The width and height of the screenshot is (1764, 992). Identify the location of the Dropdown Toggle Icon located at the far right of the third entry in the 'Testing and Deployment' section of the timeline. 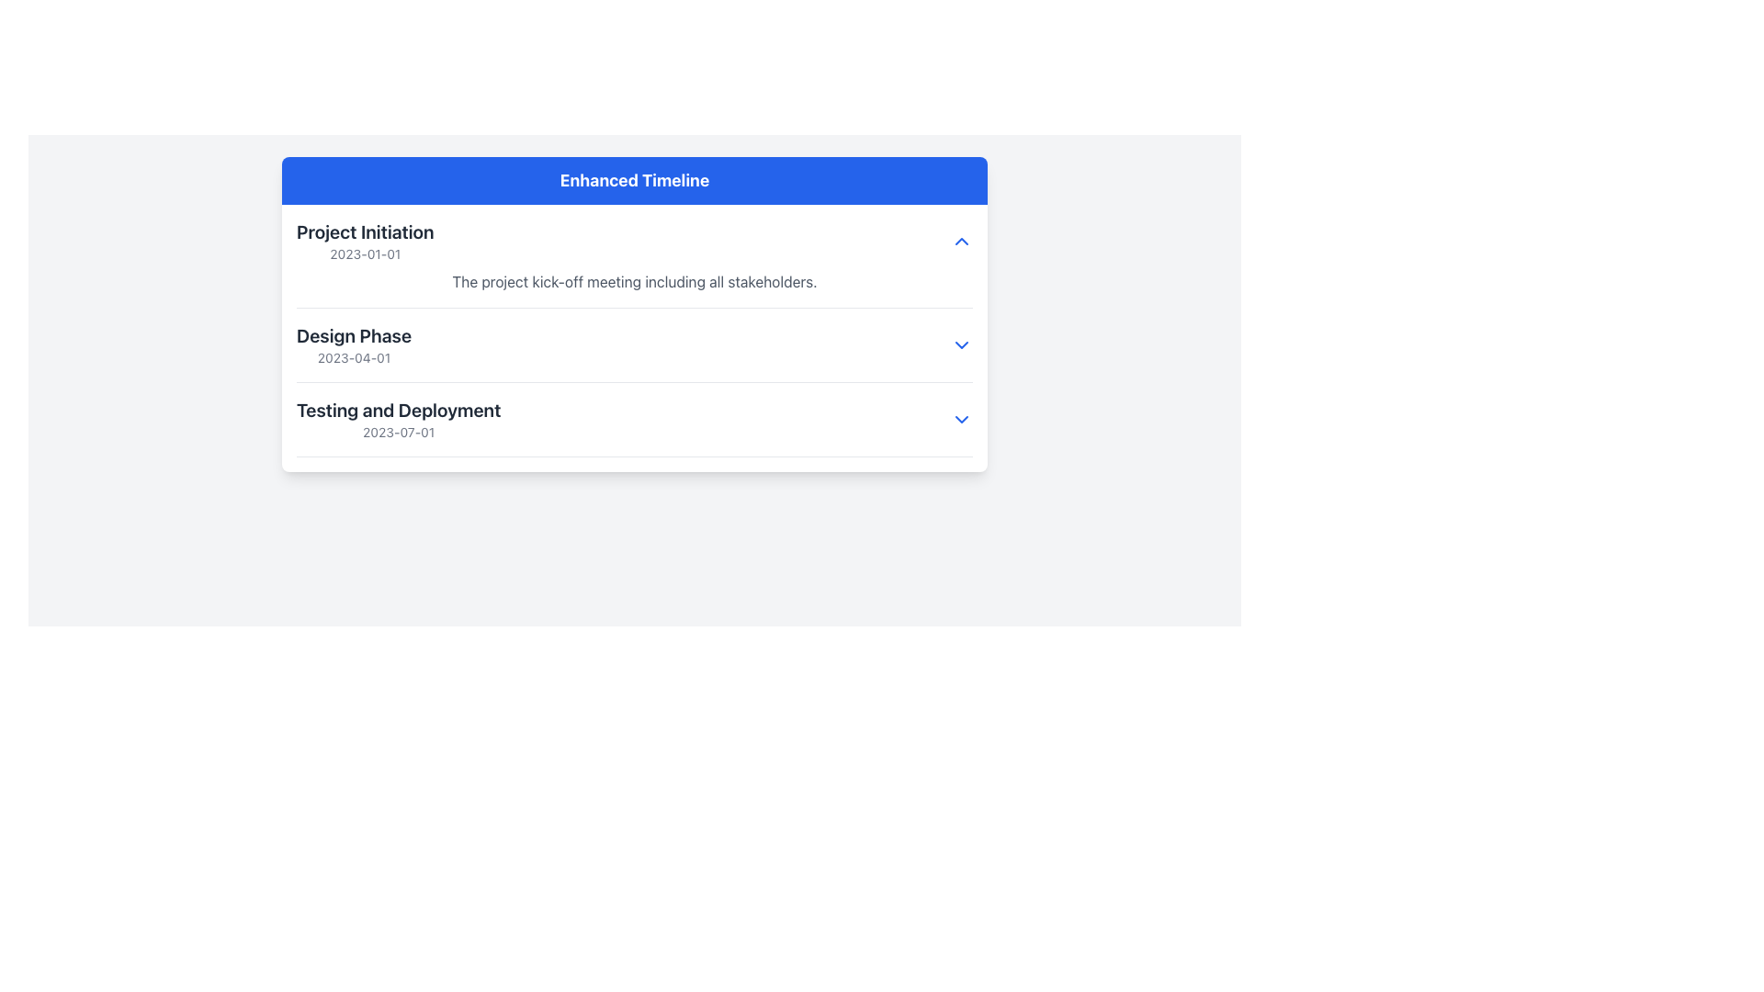
(960, 419).